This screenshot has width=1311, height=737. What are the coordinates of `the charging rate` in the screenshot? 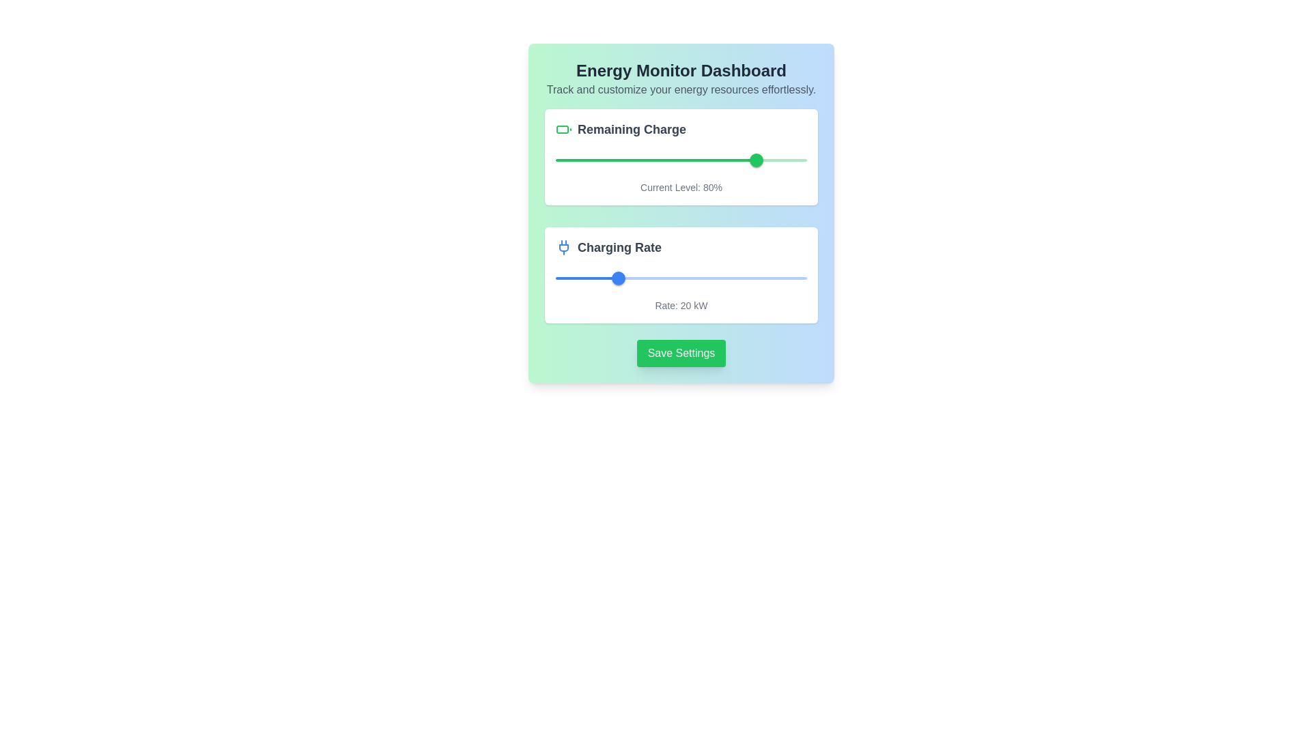 It's located at (762, 278).